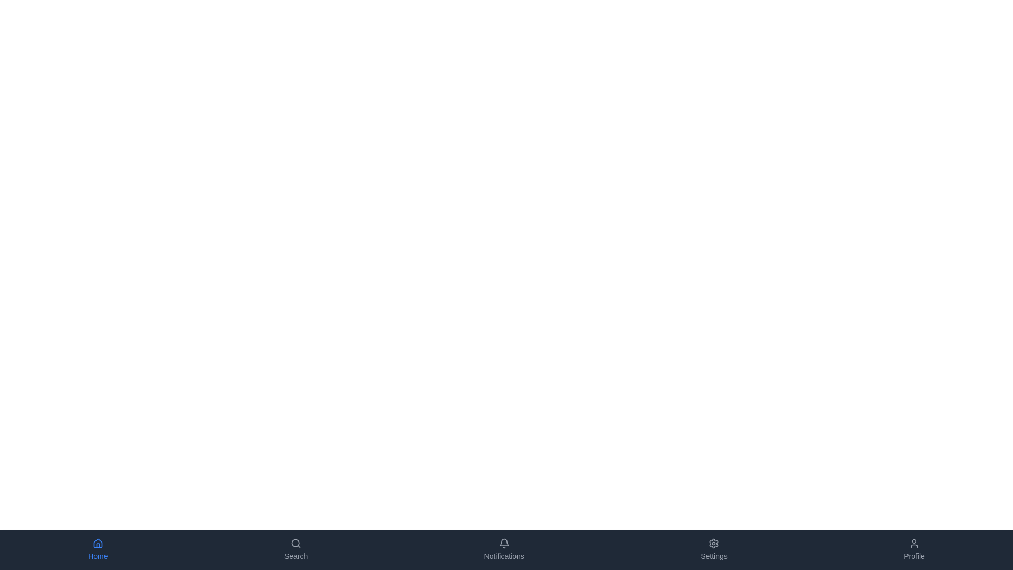  I want to click on the 'Profile' text label located in the bottom-right corner of the navigation bar, so click(913, 555).